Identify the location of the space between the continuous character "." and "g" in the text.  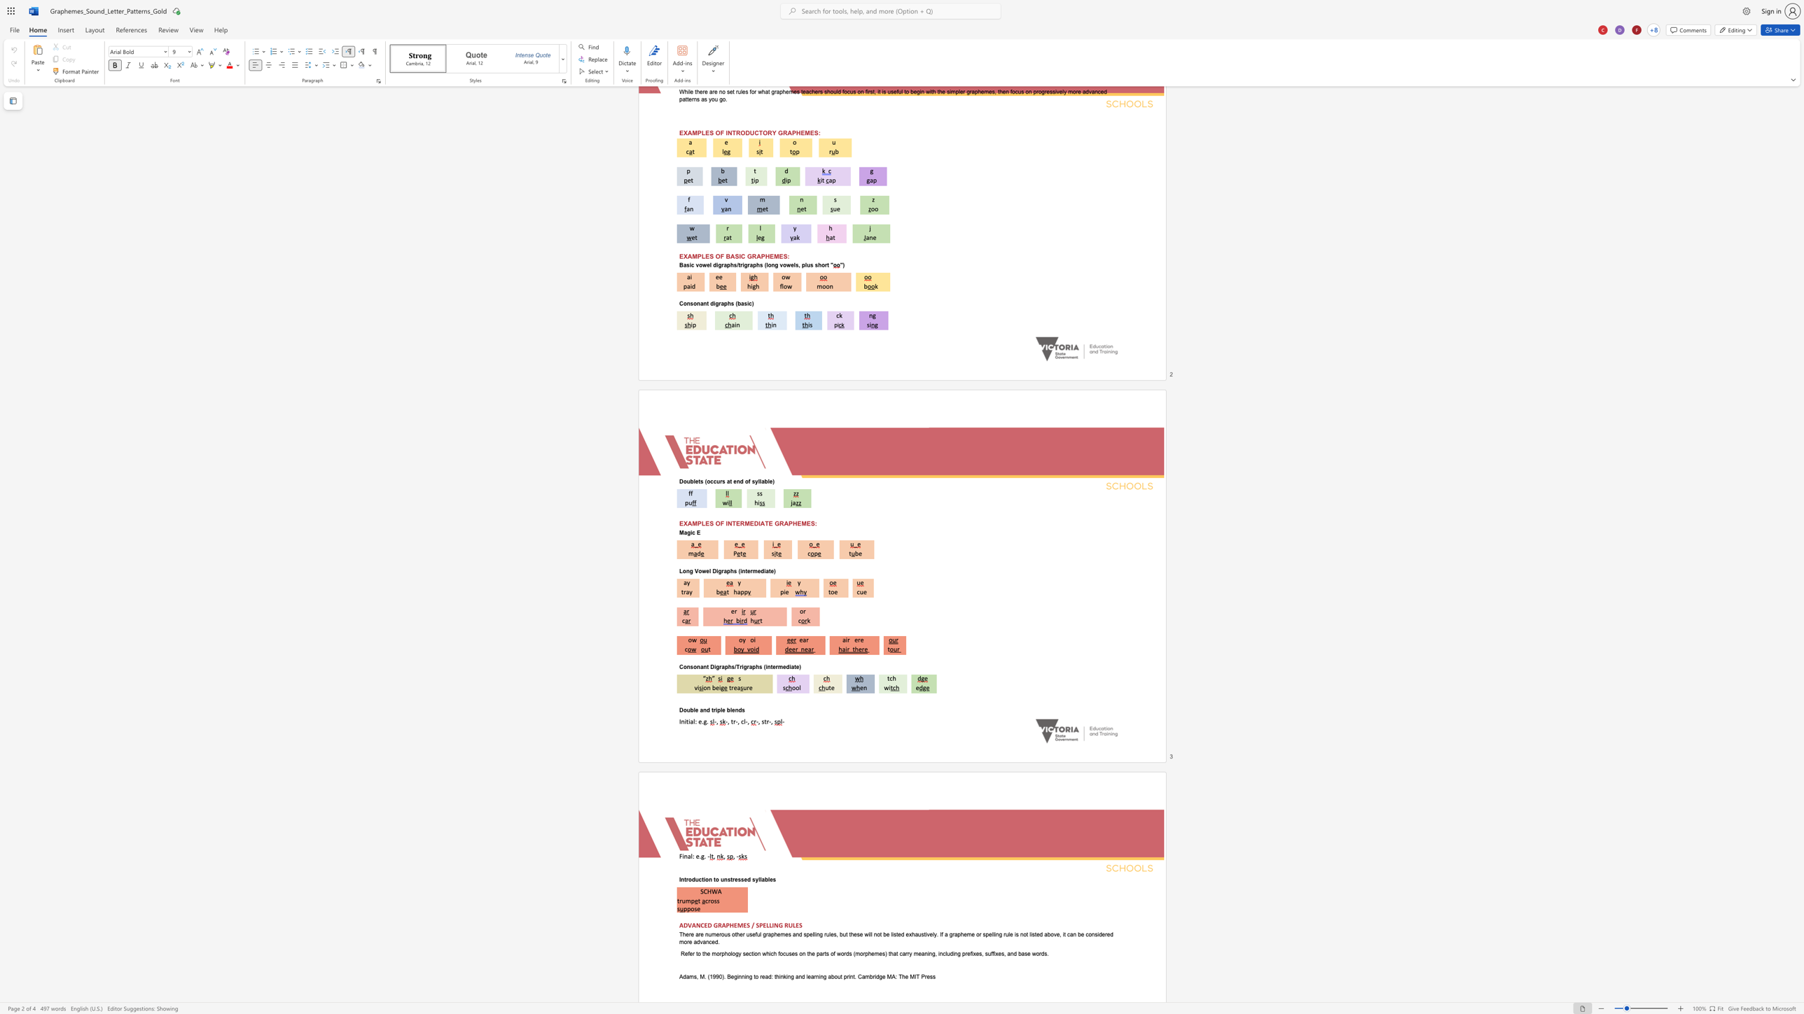
(702, 855).